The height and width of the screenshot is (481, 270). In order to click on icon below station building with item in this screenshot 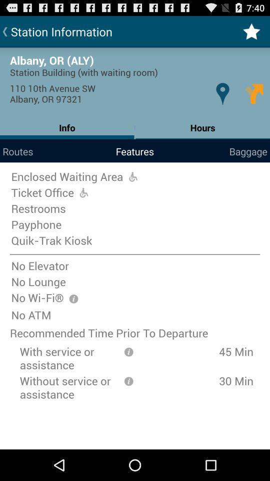, I will do `click(254, 94)`.